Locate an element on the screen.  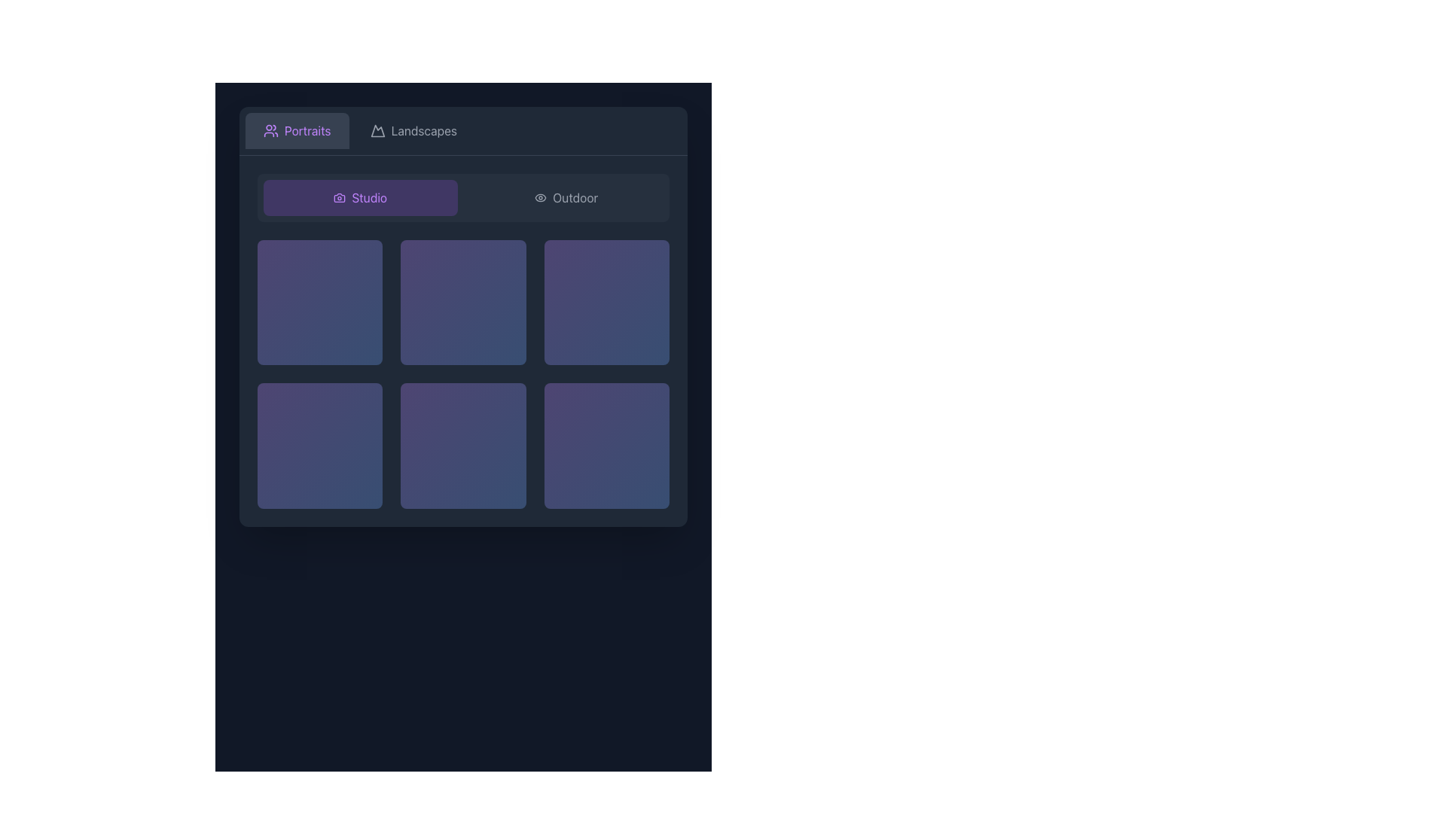
the rectangular button with a purple background labeled 'Studio' that contains a camera icon is located at coordinates (359, 196).